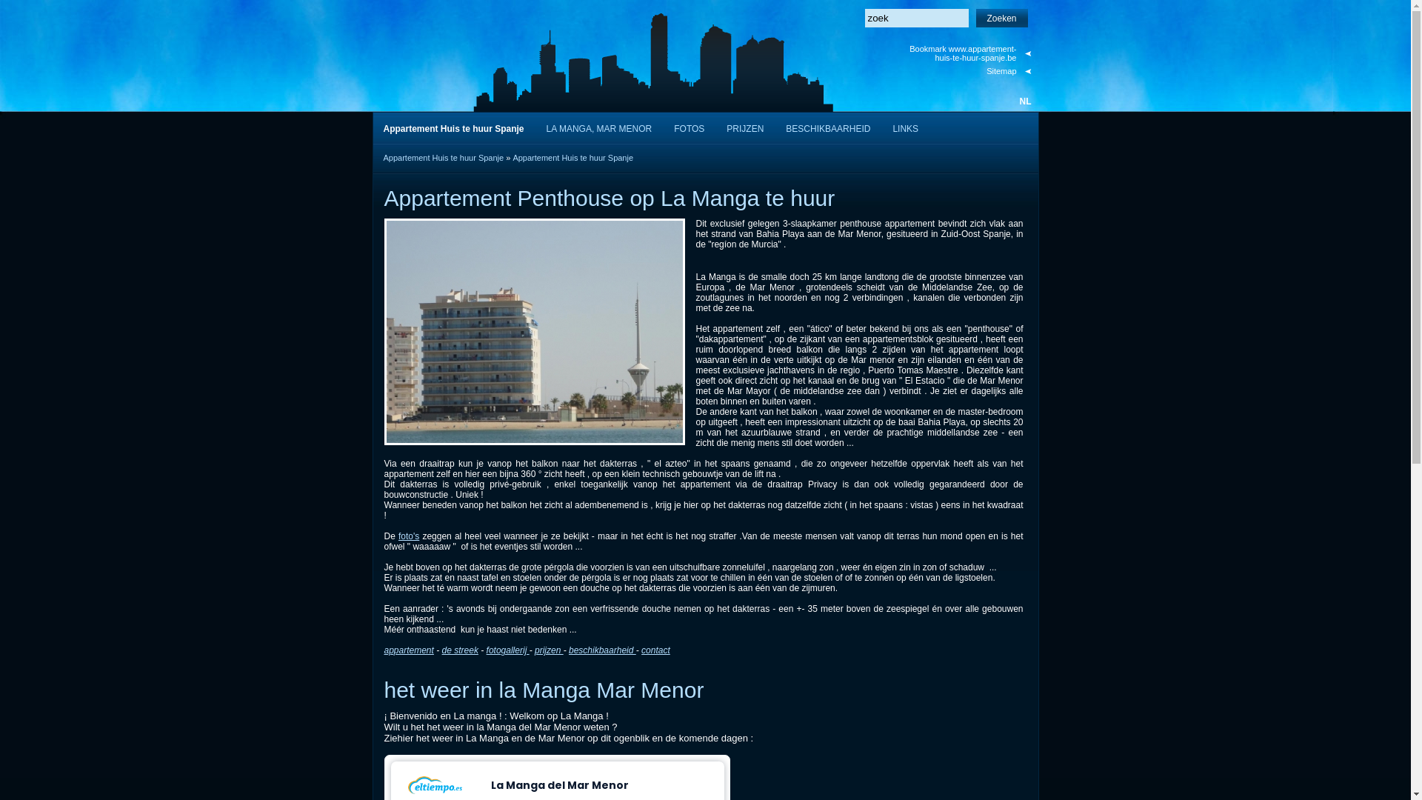 The image size is (1422, 800). I want to click on 'prijzen ', so click(533, 650).